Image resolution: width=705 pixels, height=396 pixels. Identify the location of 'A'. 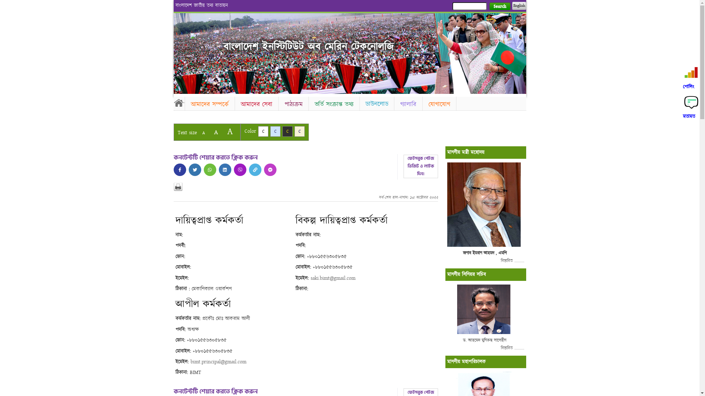
(223, 131).